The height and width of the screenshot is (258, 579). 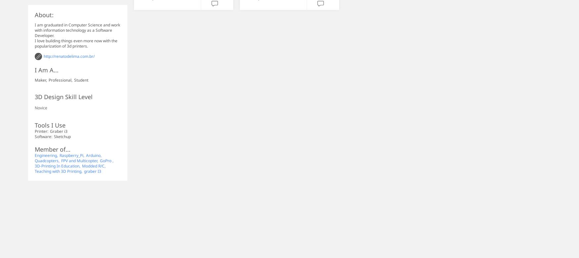 What do you see at coordinates (93, 166) in the screenshot?
I see `'Modded R/C'` at bounding box center [93, 166].